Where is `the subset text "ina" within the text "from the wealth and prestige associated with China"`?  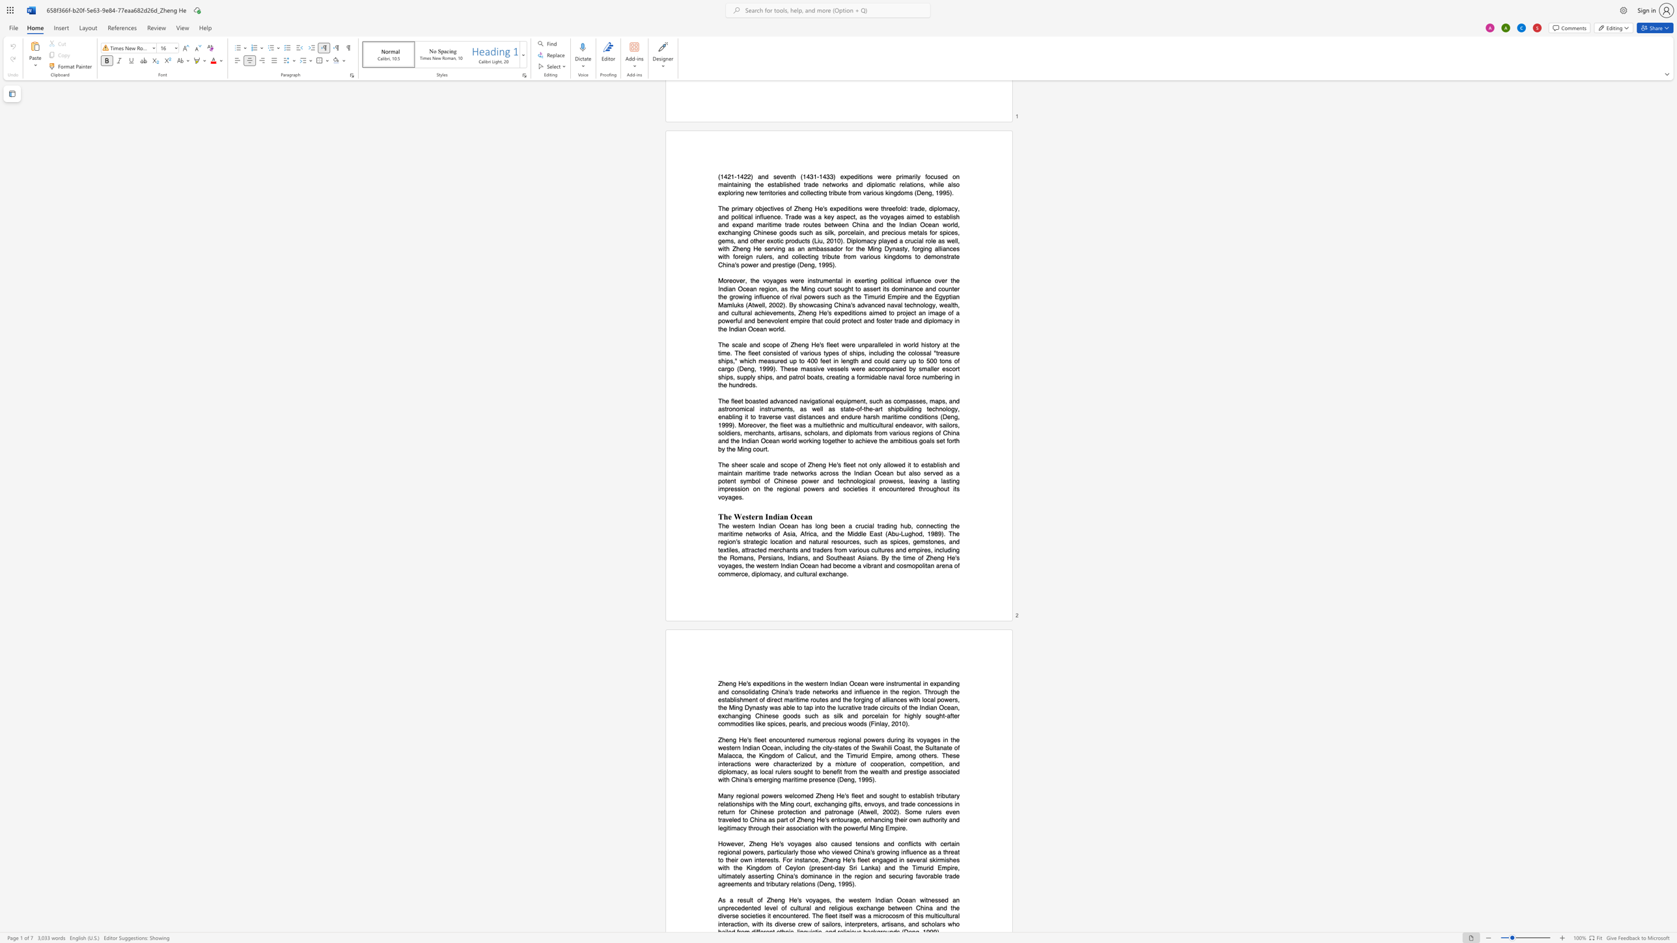
the subset text "ina" within the text "from the wealth and prestige associated with China" is located at coordinates (738, 779).